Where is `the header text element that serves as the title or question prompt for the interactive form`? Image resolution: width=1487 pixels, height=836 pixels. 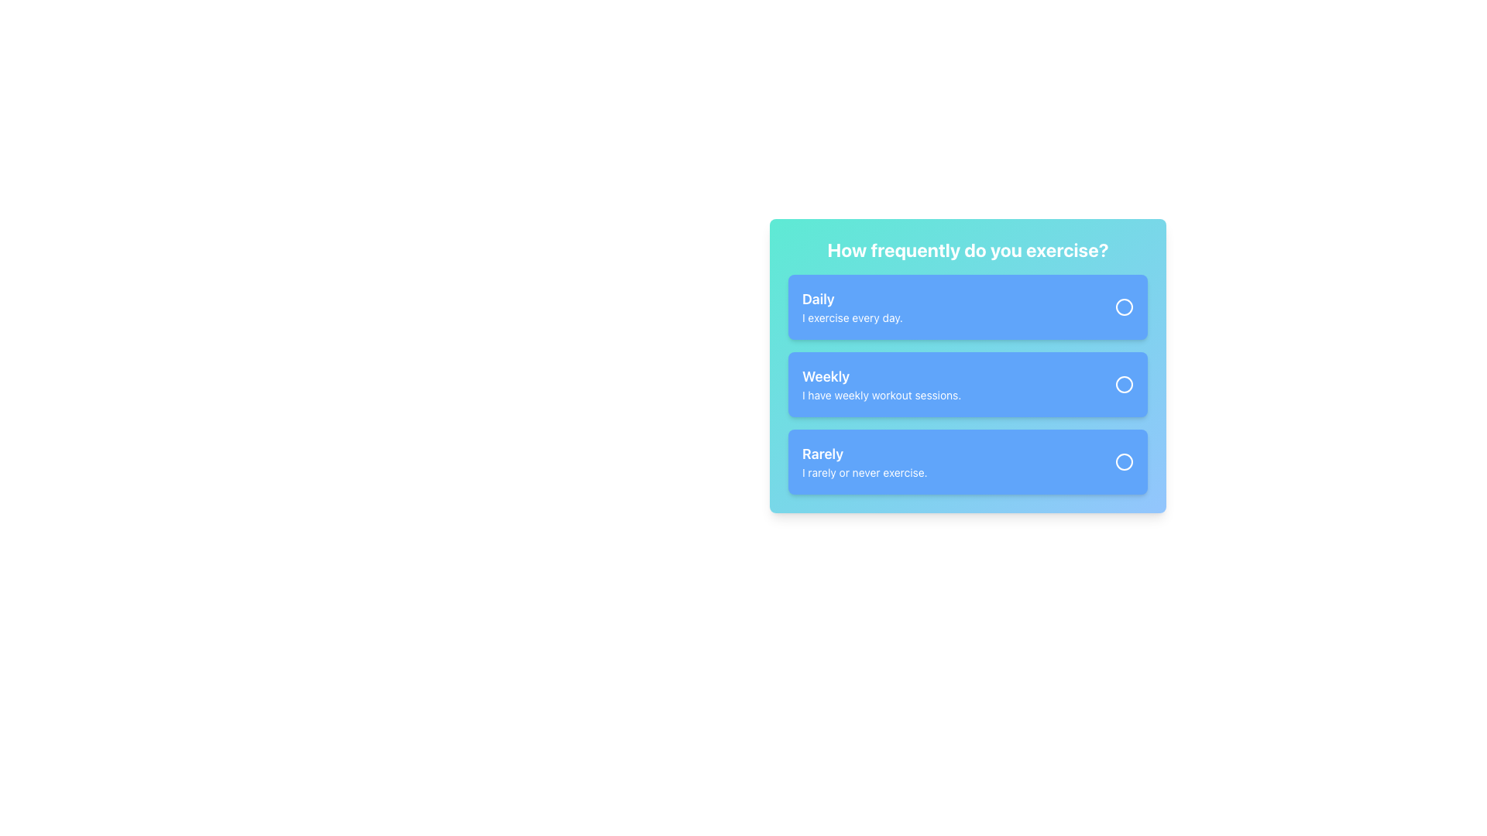 the header text element that serves as the title or question prompt for the interactive form is located at coordinates (967, 249).